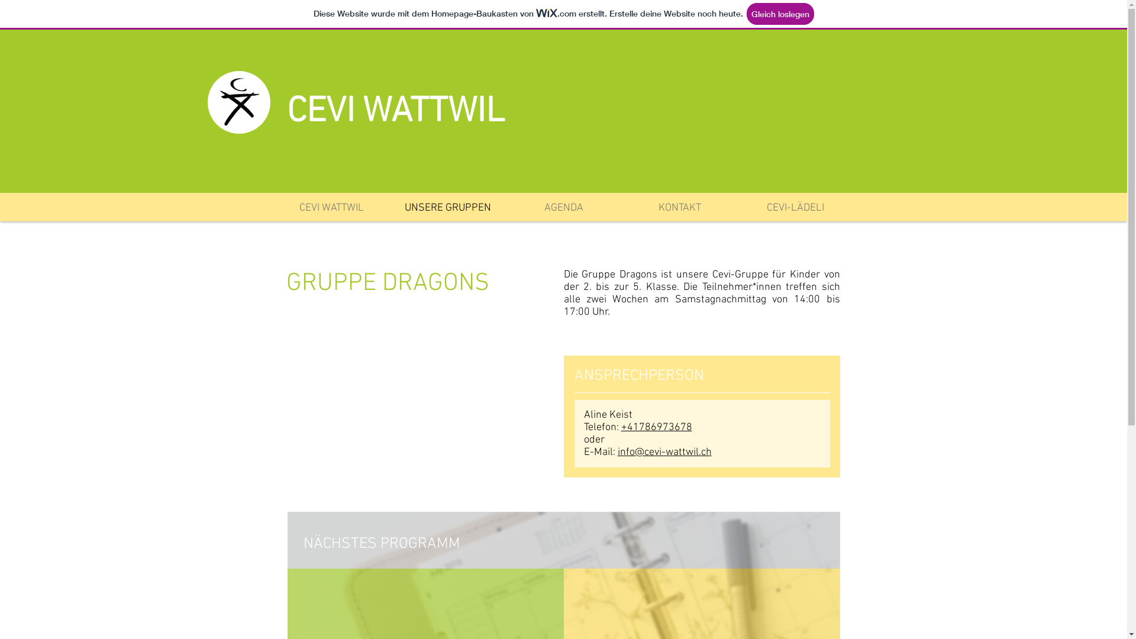  What do you see at coordinates (679, 207) in the screenshot?
I see `'KONTAKT'` at bounding box center [679, 207].